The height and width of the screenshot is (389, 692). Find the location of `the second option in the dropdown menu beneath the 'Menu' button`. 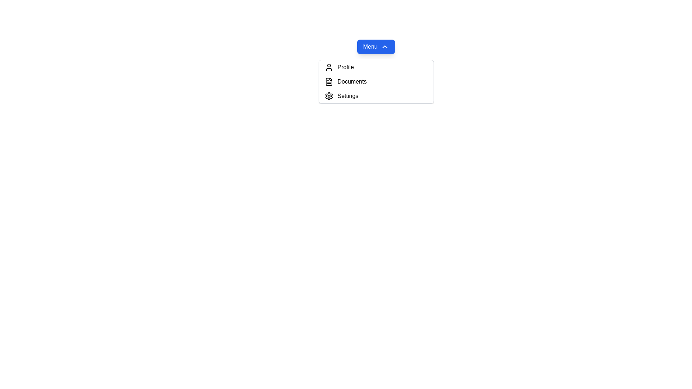

the second option in the dropdown menu beneath the 'Menu' button is located at coordinates (352, 81).